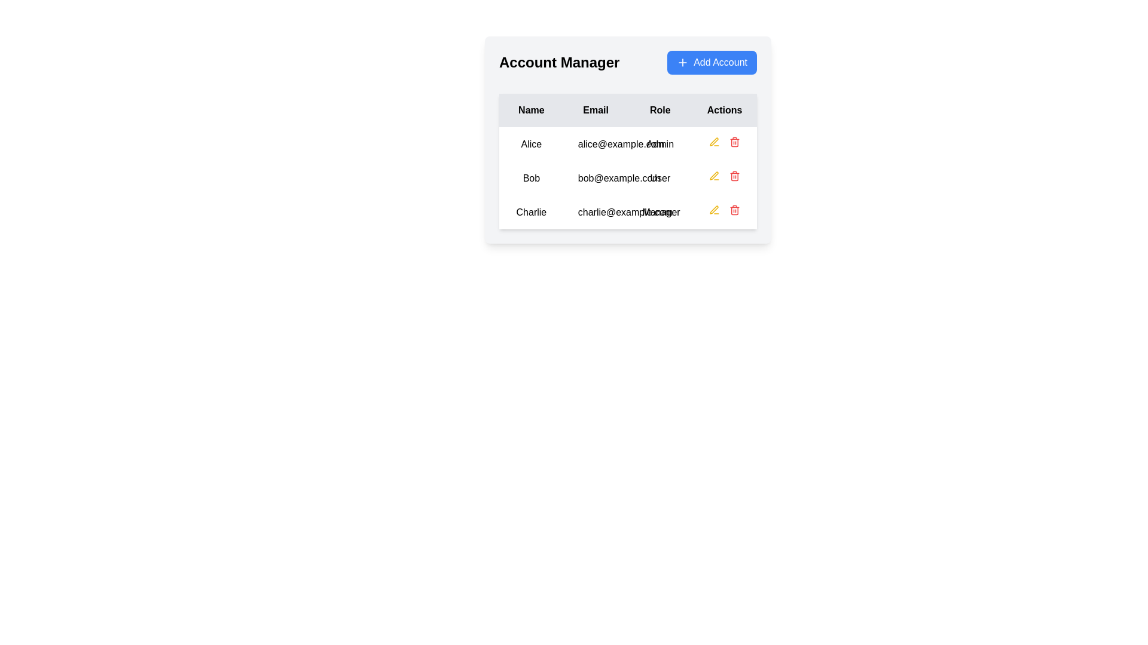 The height and width of the screenshot is (645, 1148). I want to click on the text label displaying 'Charlie' in the third row of the data table under the 'Name' column, so click(530, 211).